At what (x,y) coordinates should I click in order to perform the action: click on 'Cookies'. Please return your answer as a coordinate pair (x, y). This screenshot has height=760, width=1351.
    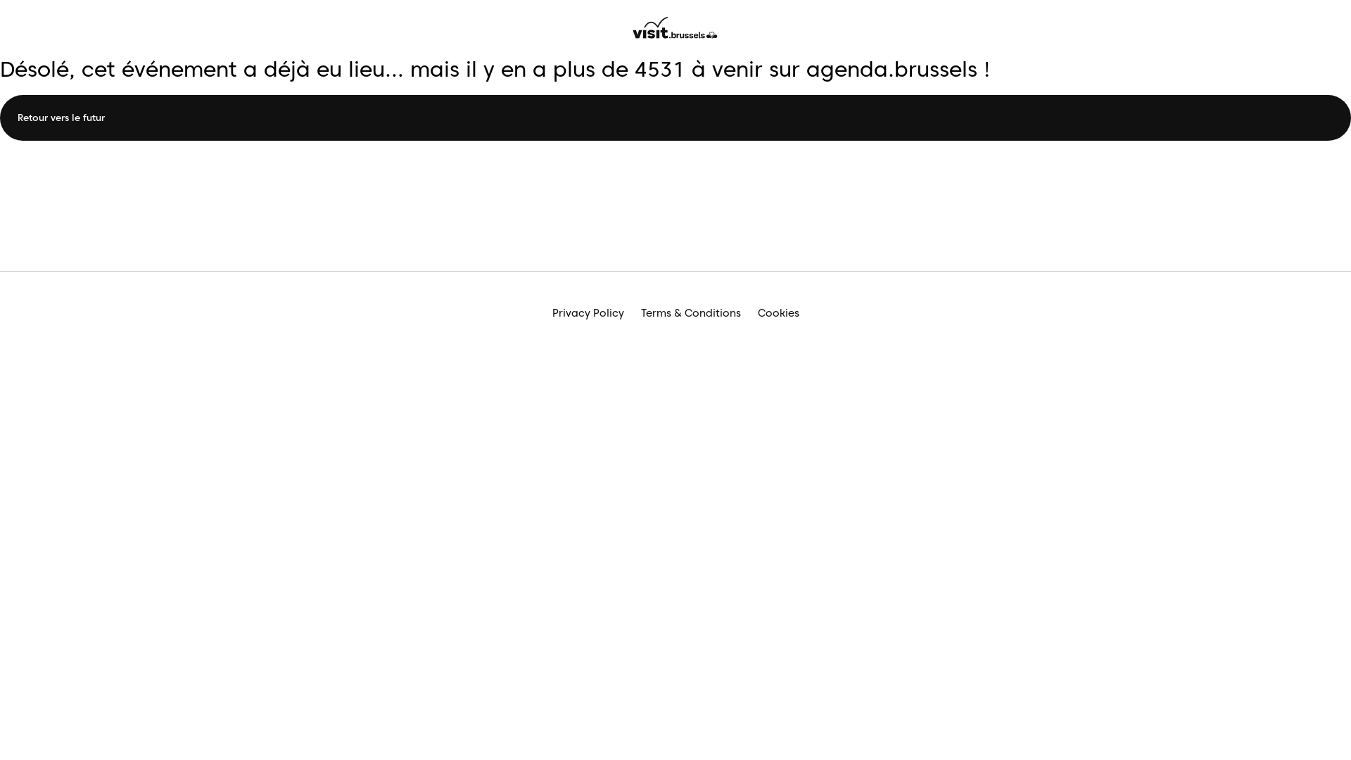
    Looking at the image, I should click on (777, 312).